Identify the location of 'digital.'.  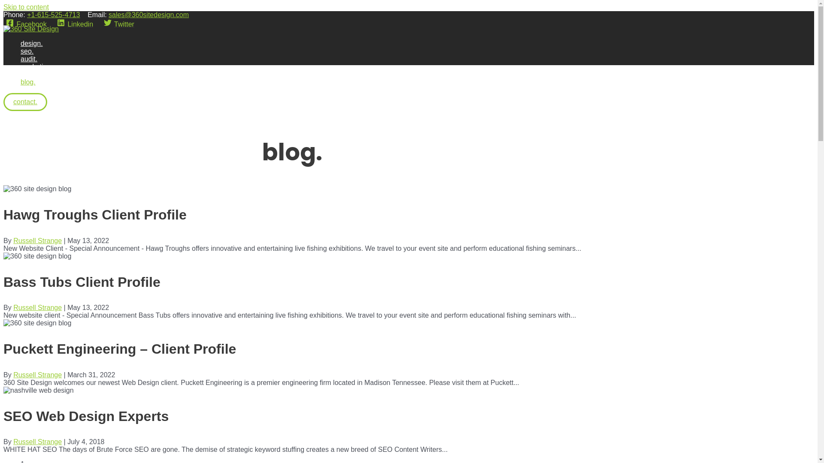
(37, 74).